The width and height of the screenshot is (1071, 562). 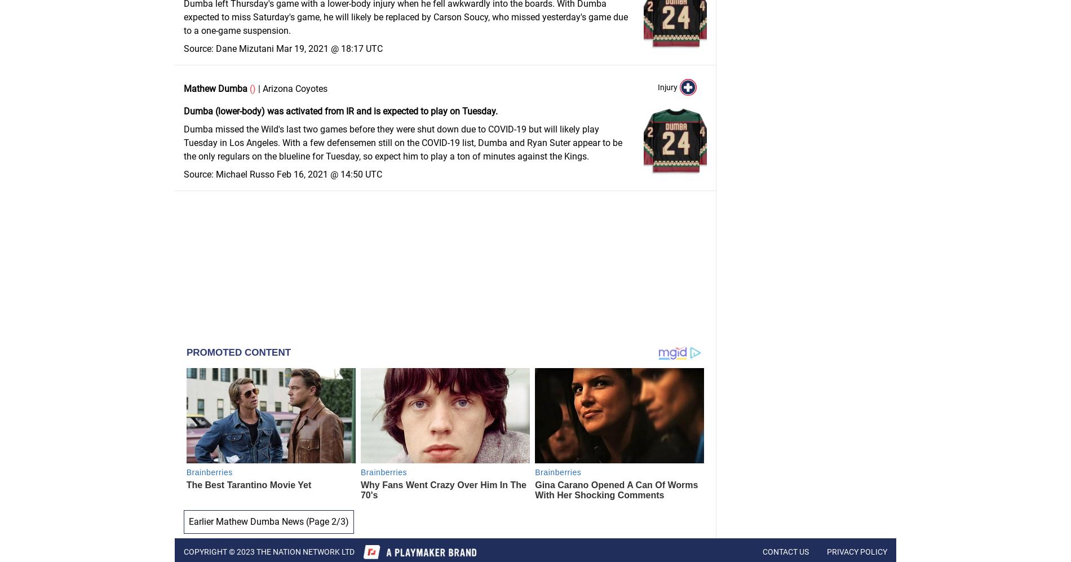 I want to click on 'The Nation Network Ltd', so click(x=304, y=551).